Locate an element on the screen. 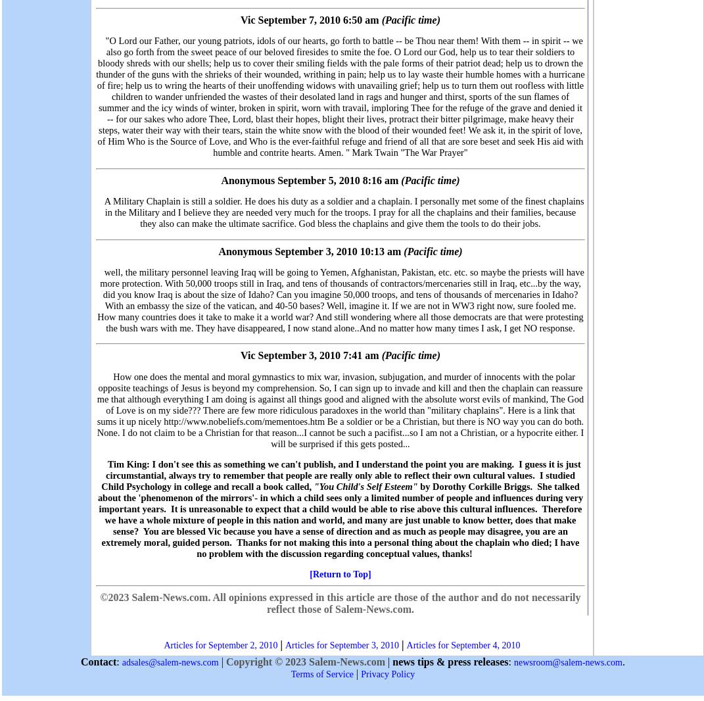  'Articles for September 2, 2010' is located at coordinates (220, 644).